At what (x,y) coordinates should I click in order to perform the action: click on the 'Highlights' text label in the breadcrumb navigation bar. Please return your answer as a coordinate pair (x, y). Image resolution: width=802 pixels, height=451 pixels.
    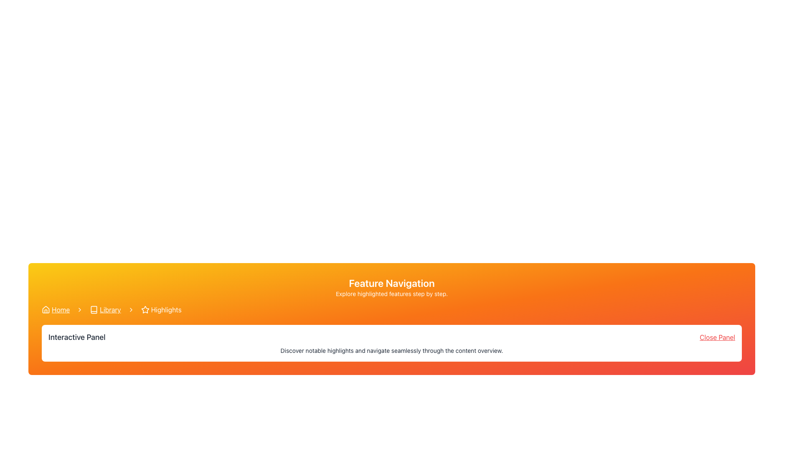
    Looking at the image, I should click on (166, 309).